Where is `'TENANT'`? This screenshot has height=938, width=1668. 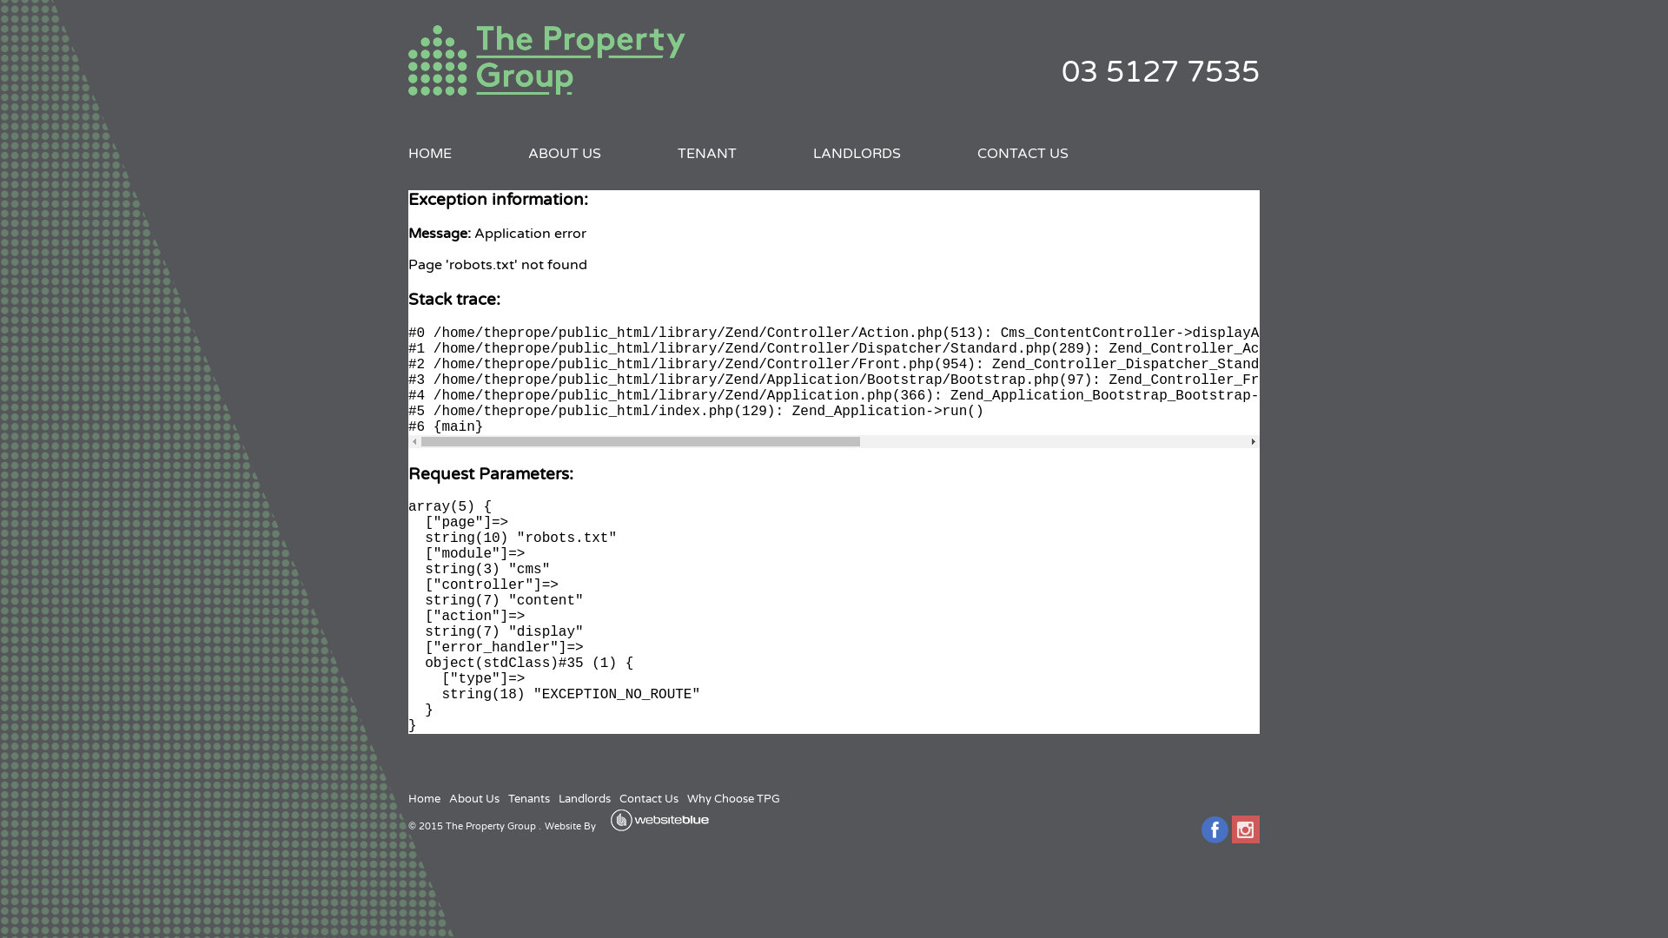
'TENANT' is located at coordinates (707, 153).